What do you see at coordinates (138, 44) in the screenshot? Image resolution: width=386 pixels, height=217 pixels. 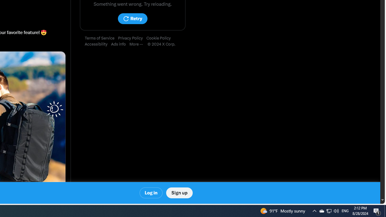 I see `'More'` at bounding box center [138, 44].